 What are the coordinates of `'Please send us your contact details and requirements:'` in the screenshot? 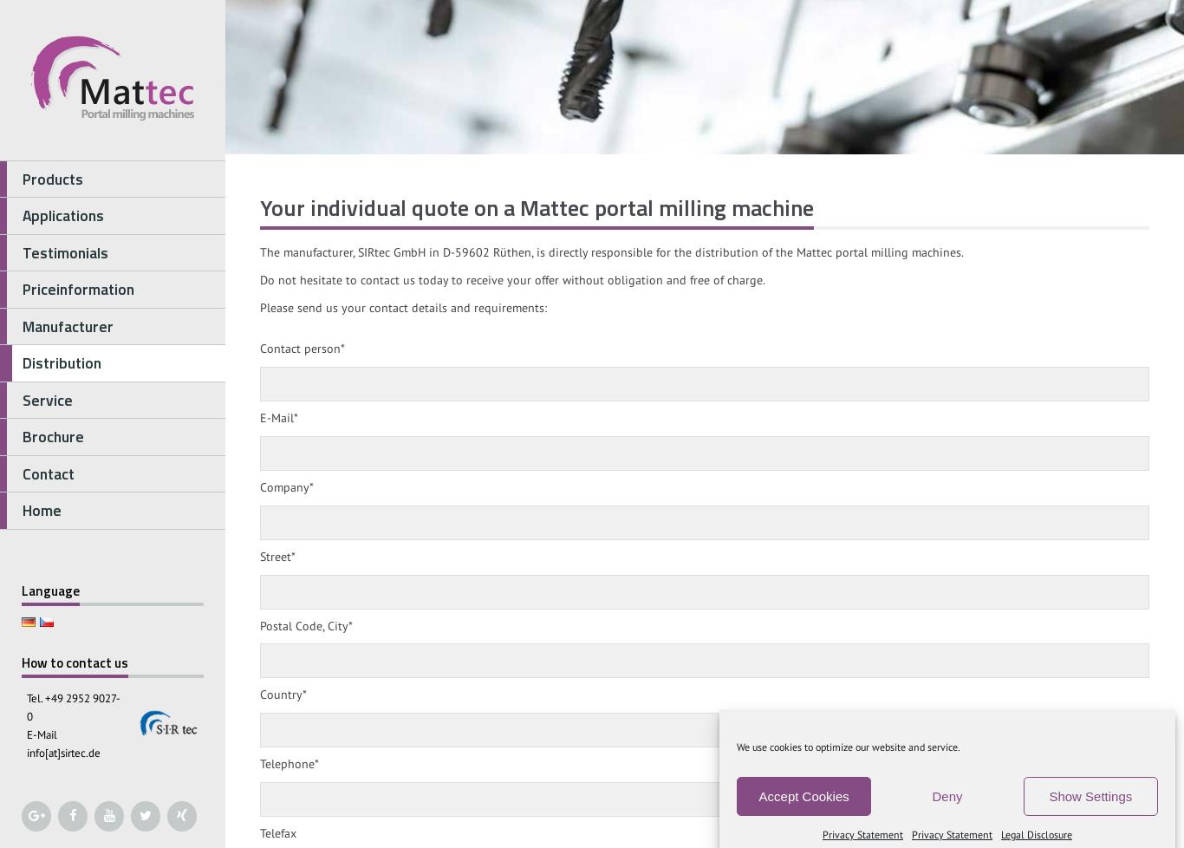 It's located at (403, 306).